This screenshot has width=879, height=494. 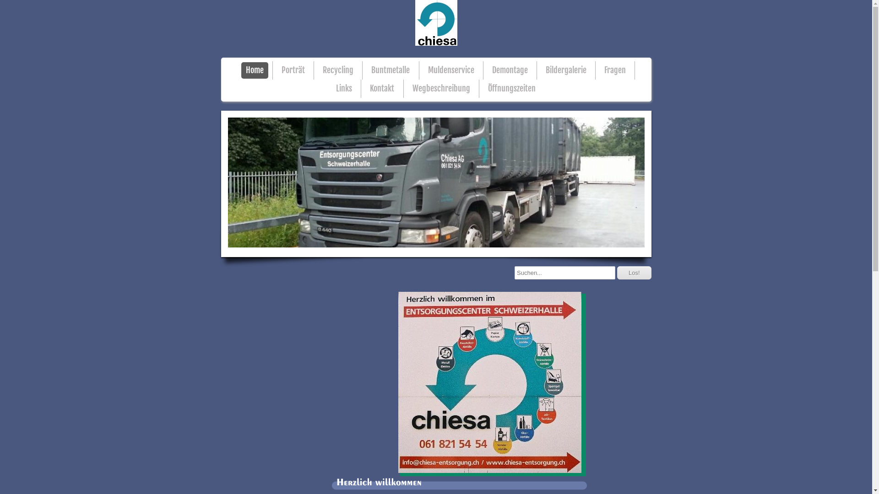 What do you see at coordinates (391, 70) in the screenshot?
I see `'Buntmetalle'` at bounding box center [391, 70].